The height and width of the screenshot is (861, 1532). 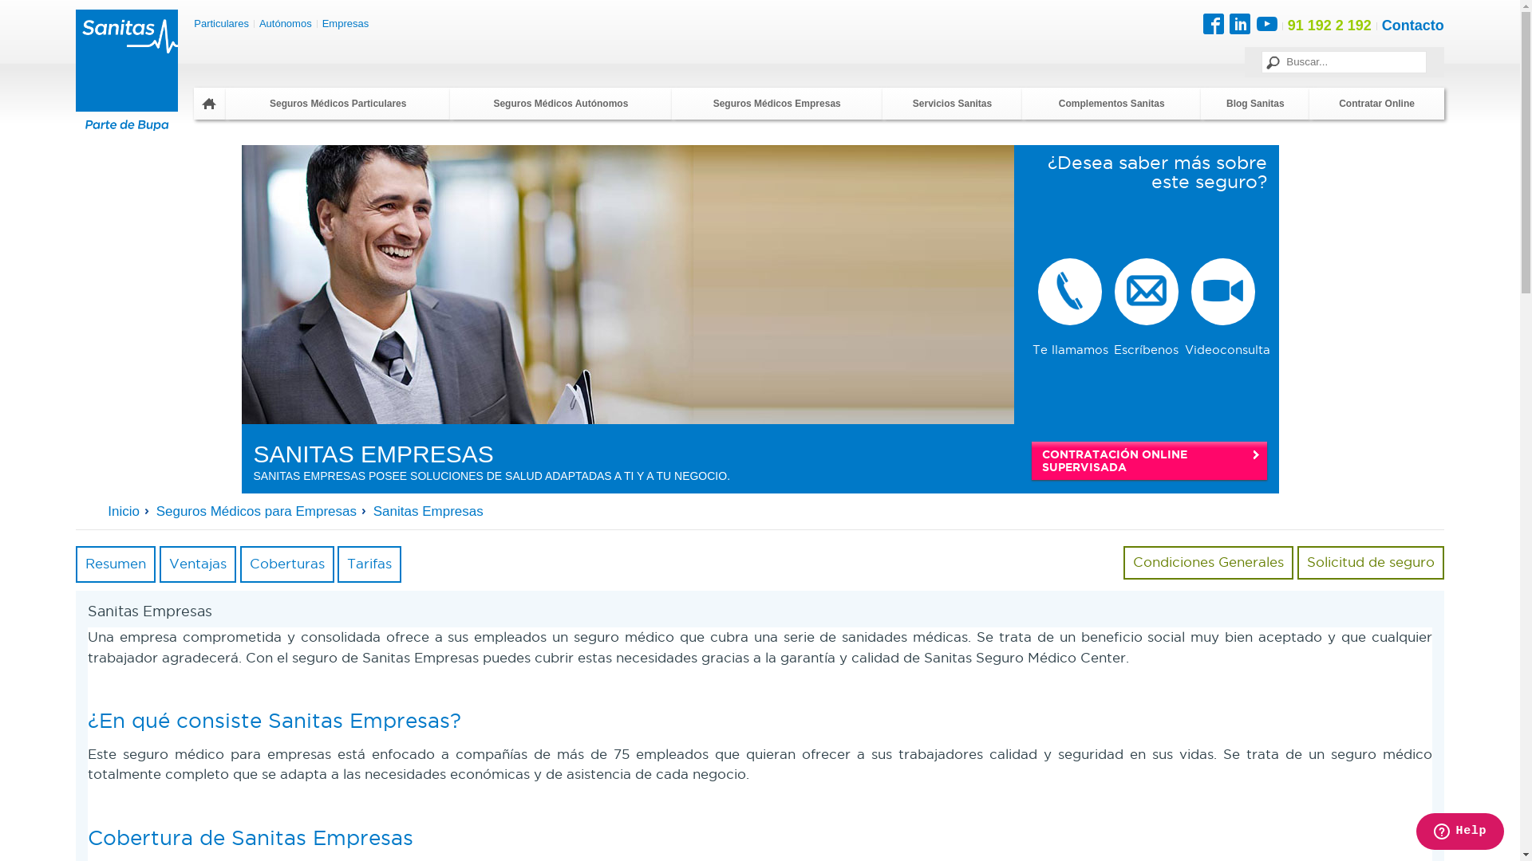 I want to click on '91 192 2 192', so click(x=1329, y=25).